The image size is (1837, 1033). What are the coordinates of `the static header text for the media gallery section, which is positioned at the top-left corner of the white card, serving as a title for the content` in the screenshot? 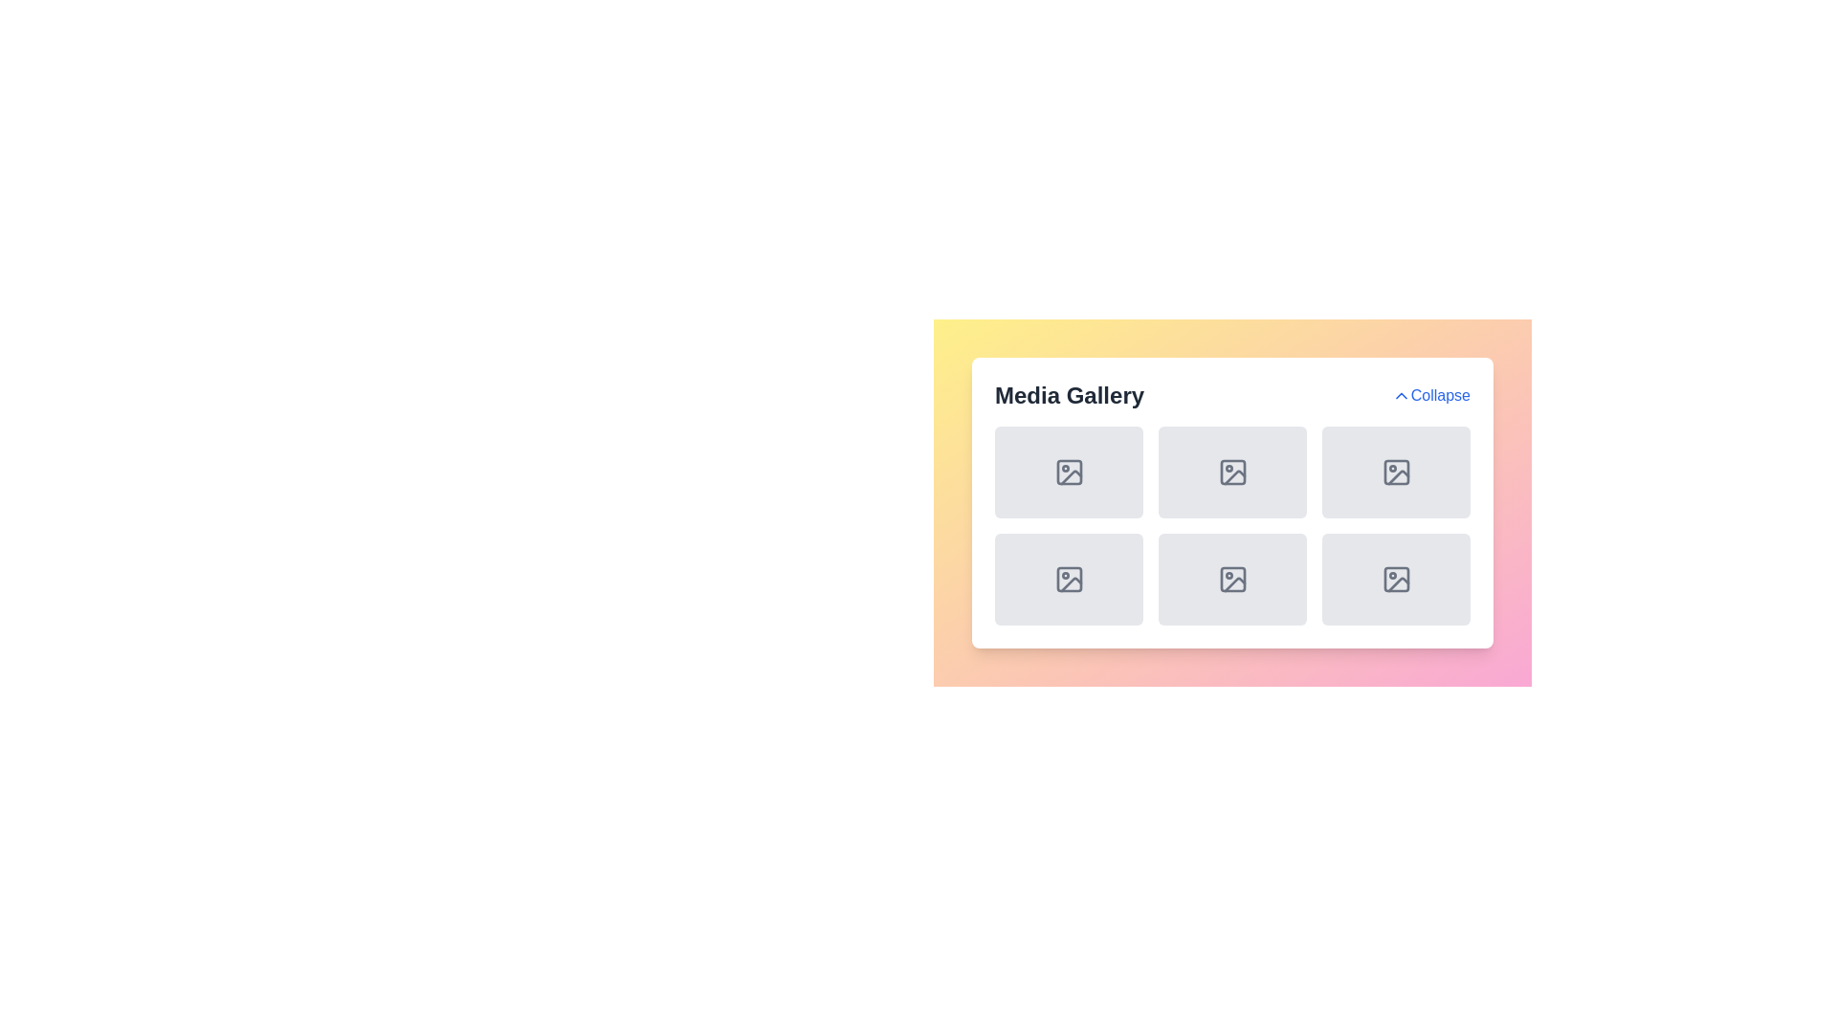 It's located at (1069, 394).